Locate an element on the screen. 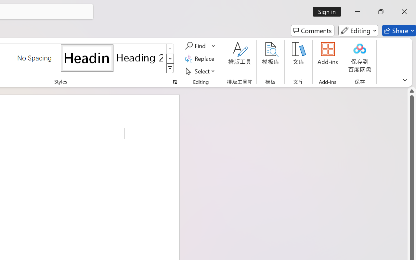  'Editing' is located at coordinates (358, 31).